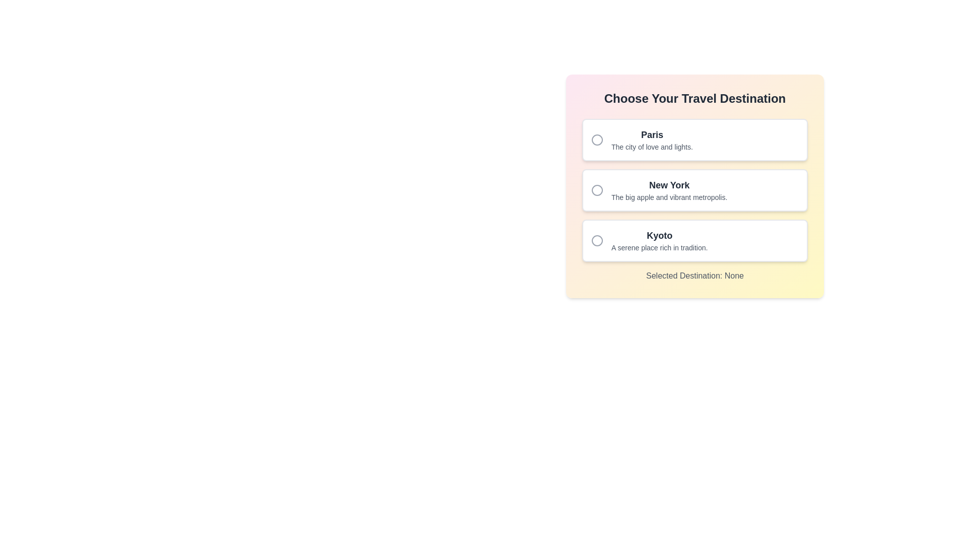  Describe the element at coordinates (597, 140) in the screenshot. I see `the Circle Indicator in the SVG Radio Button associated with the 'Paris' option` at that location.